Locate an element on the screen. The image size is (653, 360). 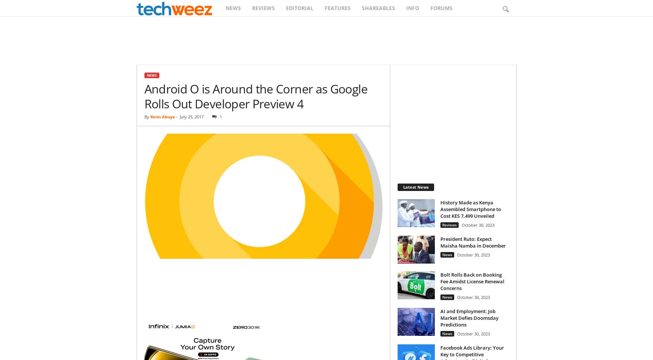
'History Made as Kenya Assembled Smartphone to Cost KES 7,499 Unveiled' is located at coordinates (470, 208).